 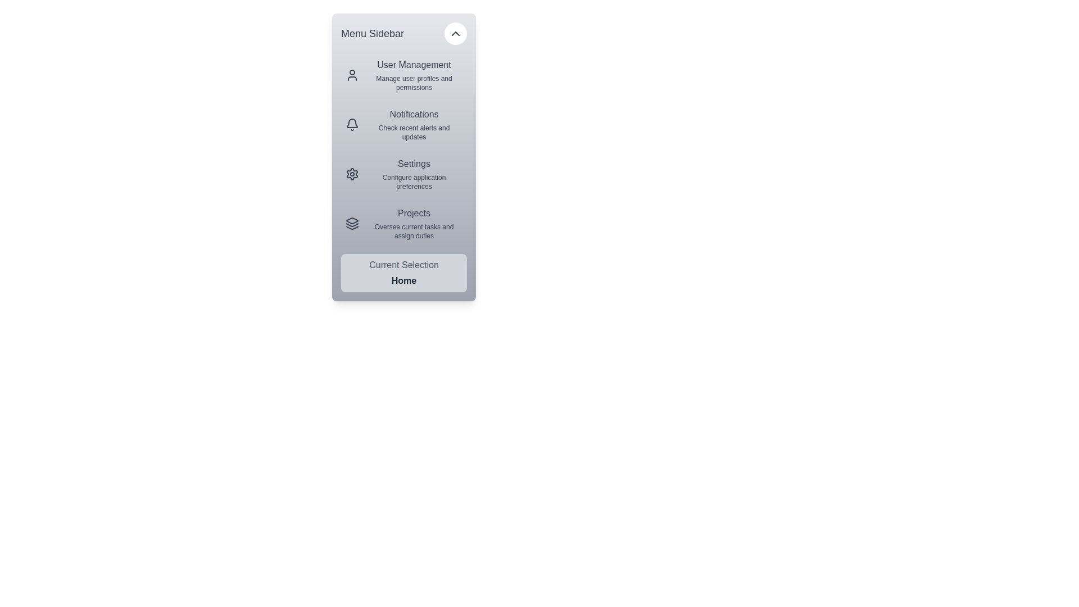 What do you see at coordinates (414, 82) in the screenshot?
I see `the text label 'Manage user profiles and permissions' located directly below the 'User Management' label in the sidebar menu` at bounding box center [414, 82].